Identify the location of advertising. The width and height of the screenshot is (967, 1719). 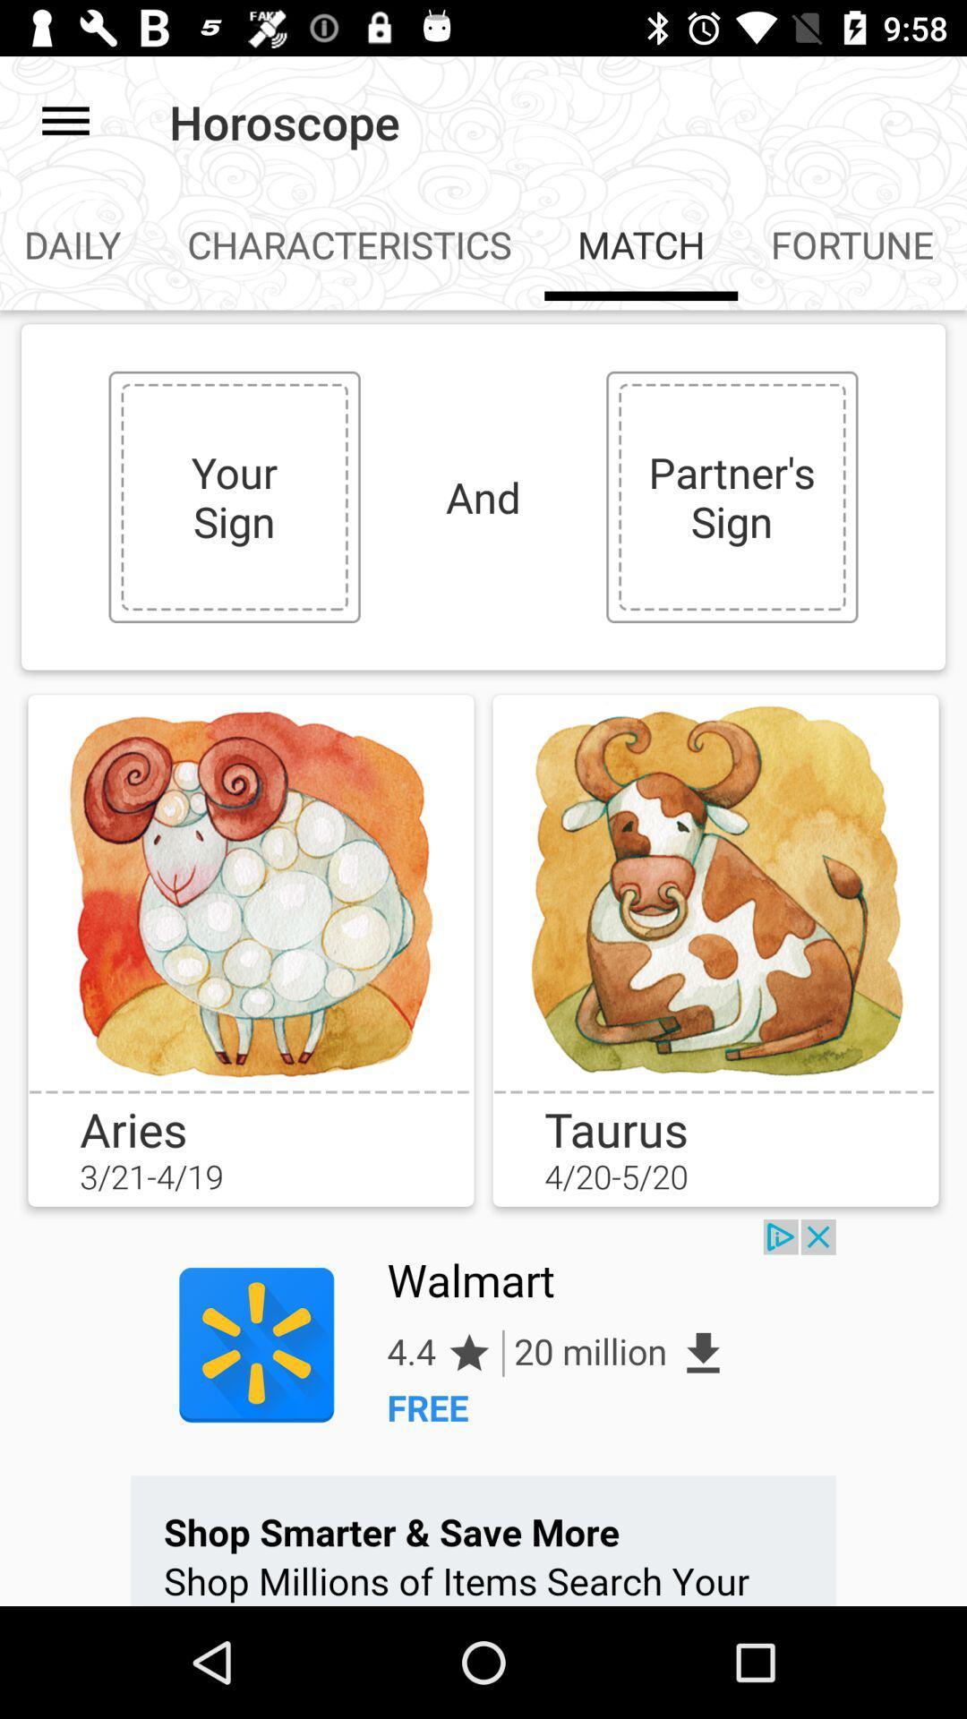
(483, 1412).